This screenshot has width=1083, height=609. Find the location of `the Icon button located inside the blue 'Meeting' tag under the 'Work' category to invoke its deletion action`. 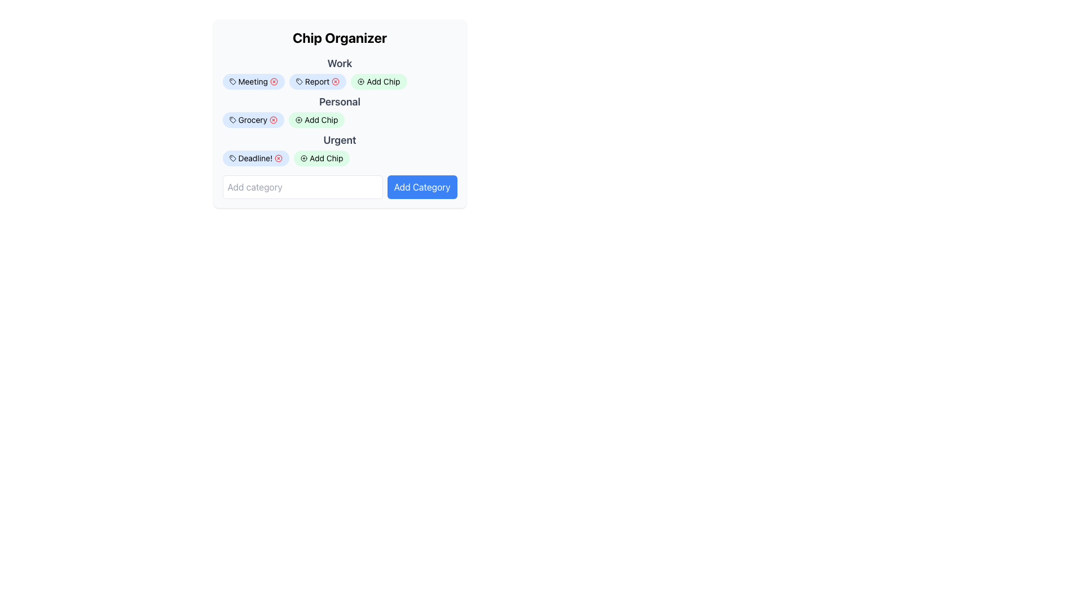

the Icon button located inside the blue 'Meeting' tag under the 'Work' category to invoke its deletion action is located at coordinates (274, 81).